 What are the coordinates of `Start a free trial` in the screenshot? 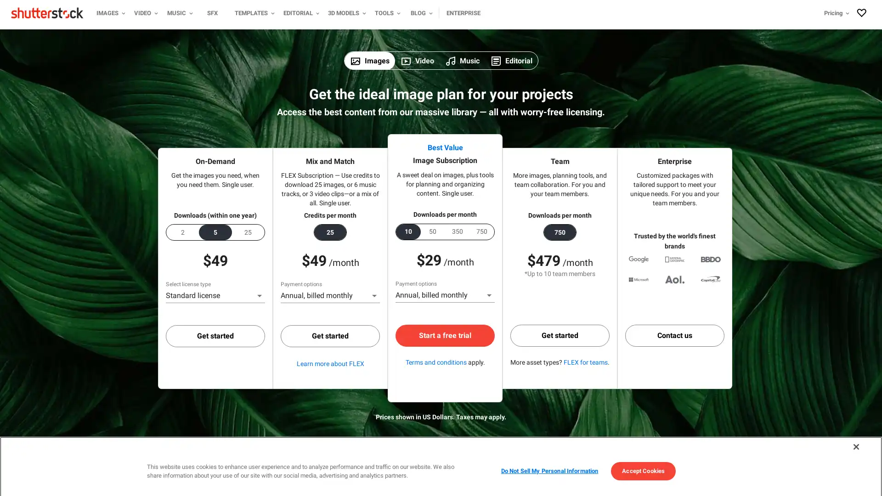 It's located at (445, 335).